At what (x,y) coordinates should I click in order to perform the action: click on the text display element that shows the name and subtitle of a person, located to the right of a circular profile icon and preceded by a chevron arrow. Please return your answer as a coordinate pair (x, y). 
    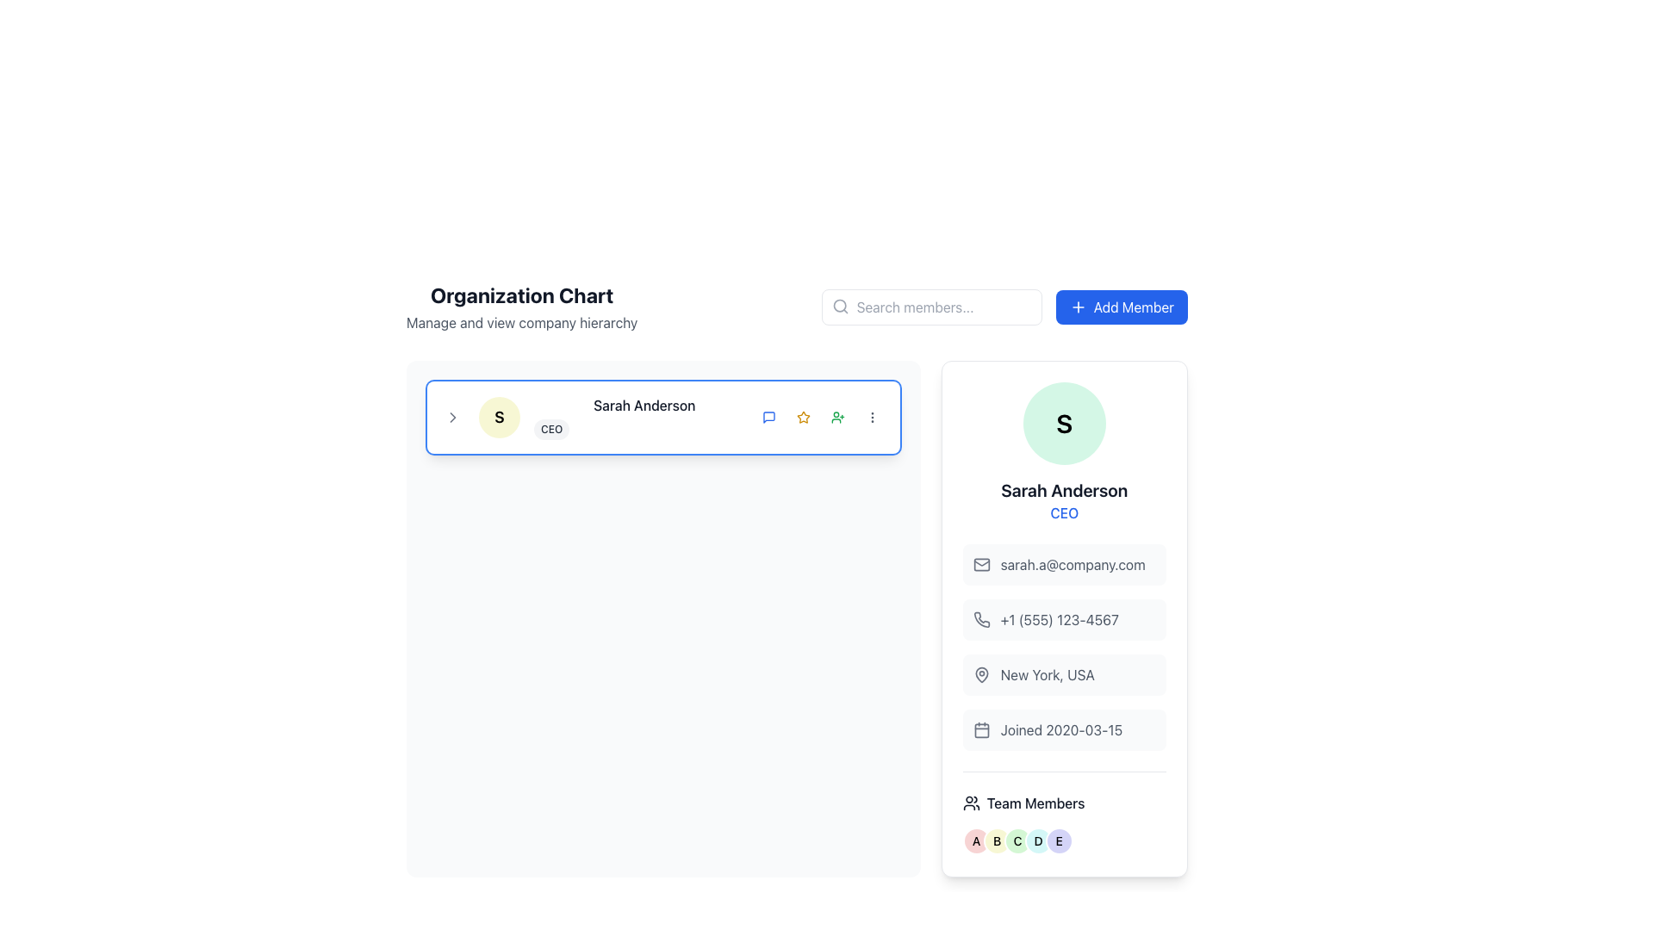
    Looking at the image, I should click on (662, 418).